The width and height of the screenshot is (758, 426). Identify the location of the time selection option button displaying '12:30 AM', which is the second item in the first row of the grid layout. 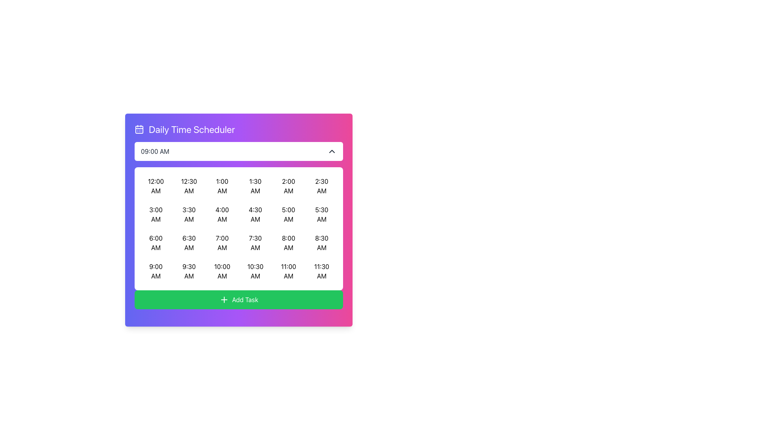
(189, 186).